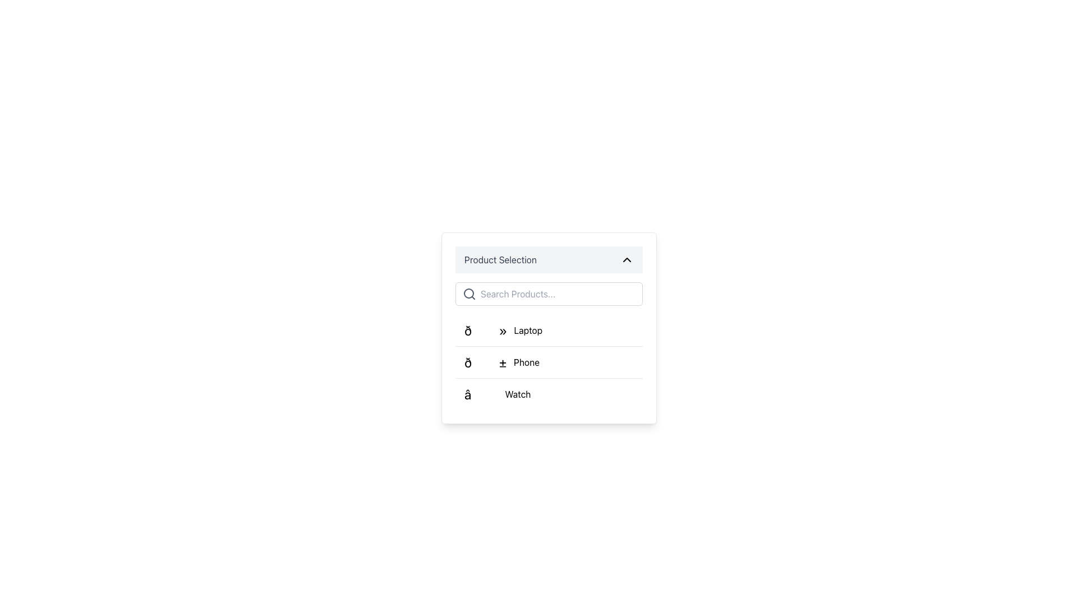 This screenshot has height=605, width=1077. Describe the element at coordinates (526, 362) in the screenshot. I see `the 'Phone' text label which is part of a selection list, positioned to the right of an emoji icon` at that location.